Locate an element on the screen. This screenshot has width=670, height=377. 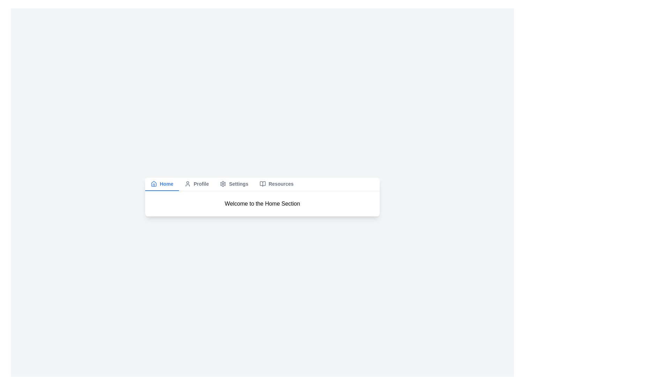
the 'Profile' text label in the navigation bar is located at coordinates (201, 183).